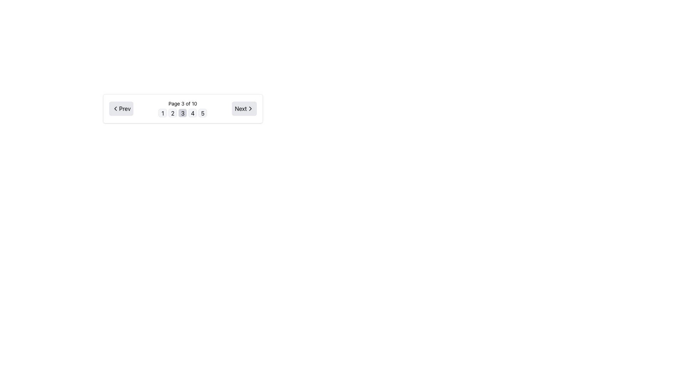 This screenshot has width=685, height=385. Describe the element at coordinates (116, 108) in the screenshot. I see `the left-pointing chevron SVG icon within the 'Prev' button in the pagination section to indicate previous navigation` at that location.